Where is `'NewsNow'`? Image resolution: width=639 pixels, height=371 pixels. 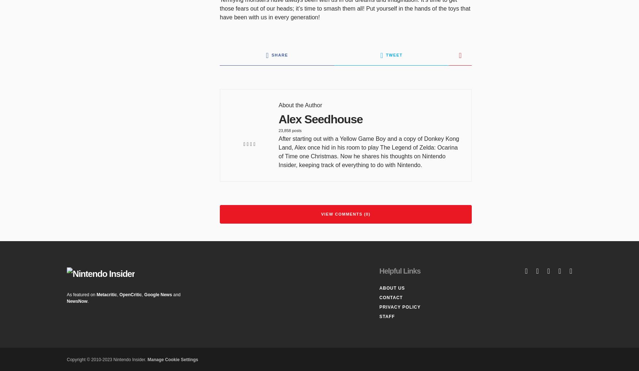 'NewsNow' is located at coordinates (77, 300).